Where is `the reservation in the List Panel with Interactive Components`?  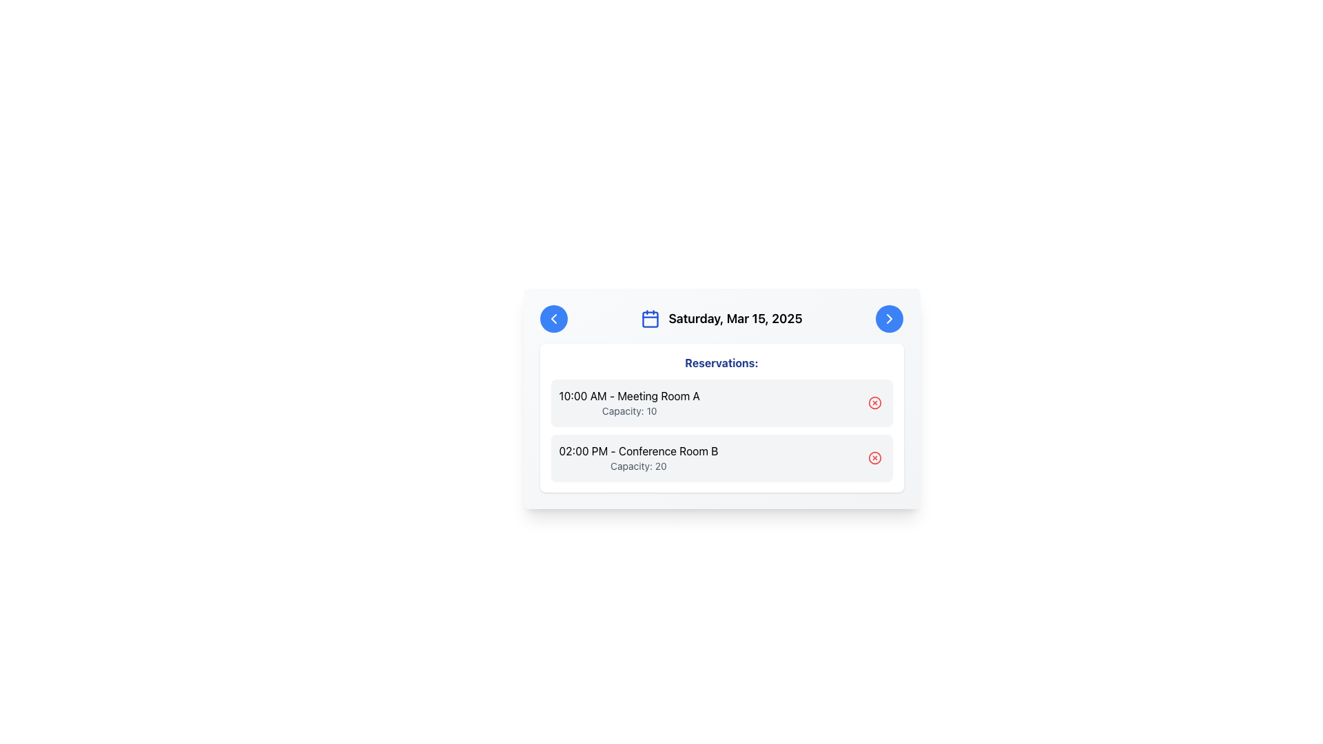 the reservation in the List Panel with Interactive Components is located at coordinates (721, 417).